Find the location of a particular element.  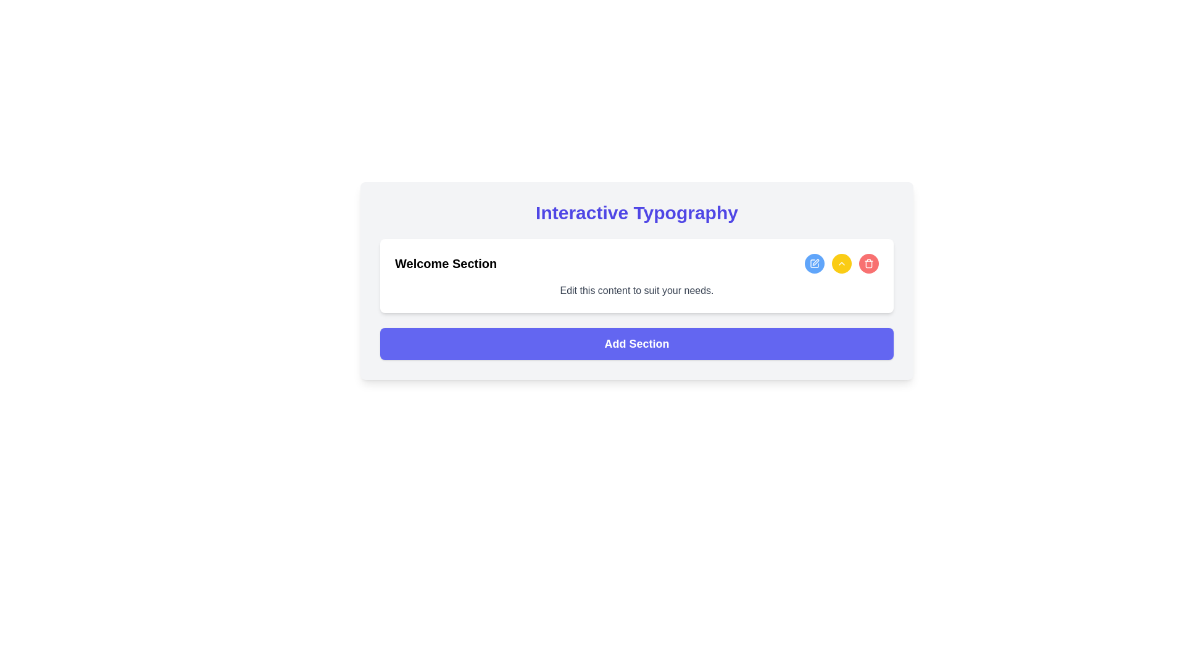

the fourth circular button in the horizontal row of buttons on the right end of the card is located at coordinates (868, 263).